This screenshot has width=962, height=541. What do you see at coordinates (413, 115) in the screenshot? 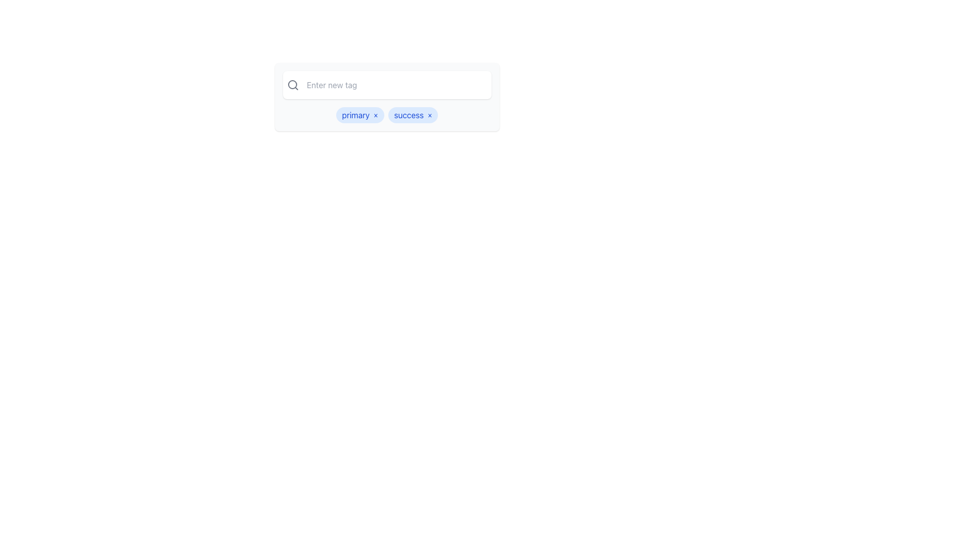
I see `the interactive tag with the label 'success' and dismiss button, which is a pill-shaped button with a light blue background located immediately to the right of the 'primary ×' component` at bounding box center [413, 115].